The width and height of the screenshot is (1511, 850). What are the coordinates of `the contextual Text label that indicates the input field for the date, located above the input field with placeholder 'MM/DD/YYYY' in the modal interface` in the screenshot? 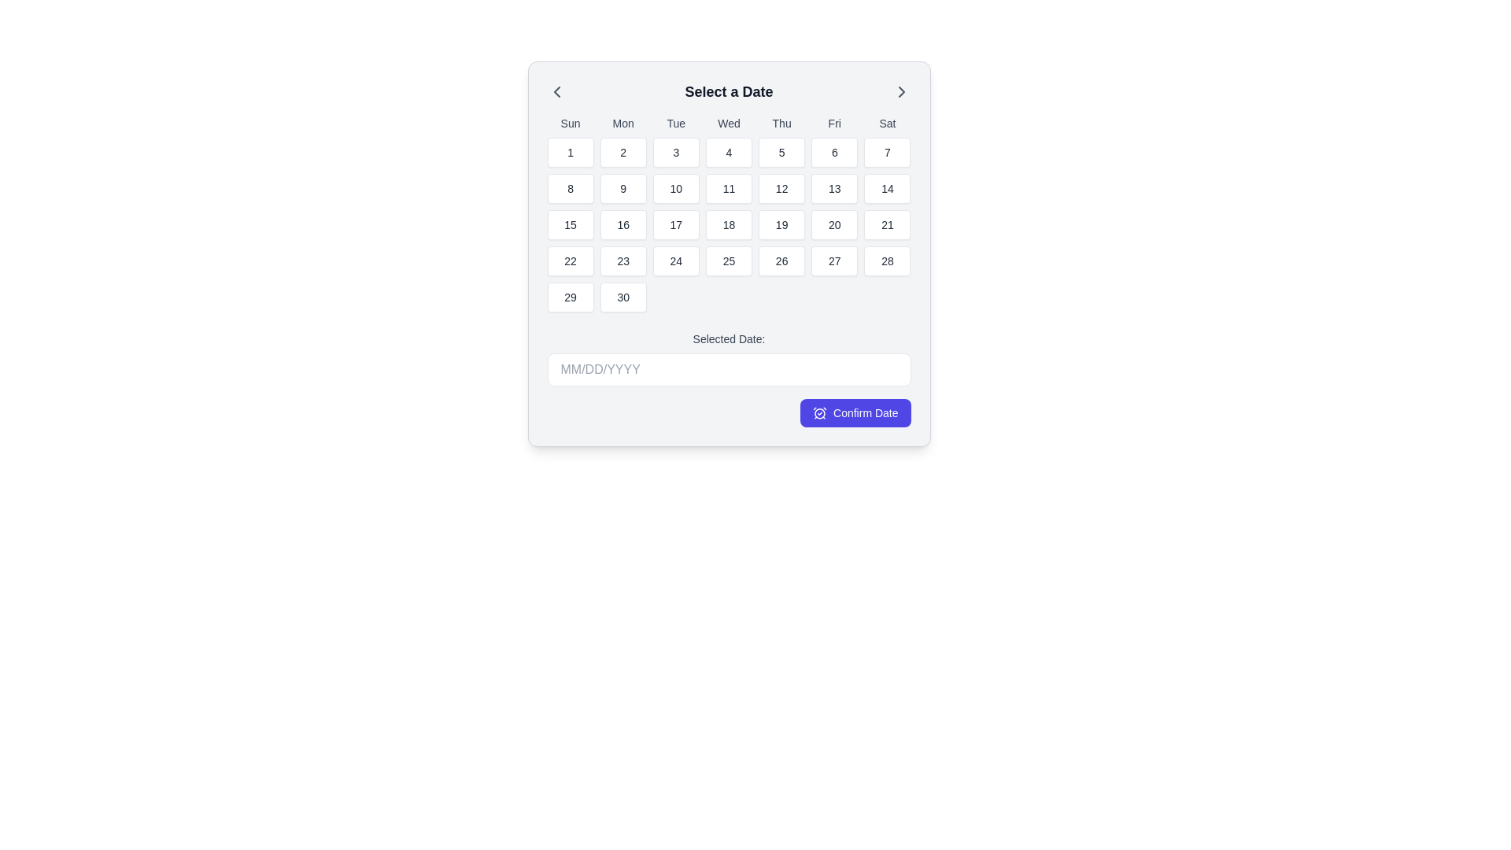 It's located at (728, 338).